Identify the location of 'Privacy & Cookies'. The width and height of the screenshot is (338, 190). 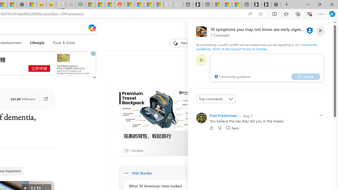
(255, 49).